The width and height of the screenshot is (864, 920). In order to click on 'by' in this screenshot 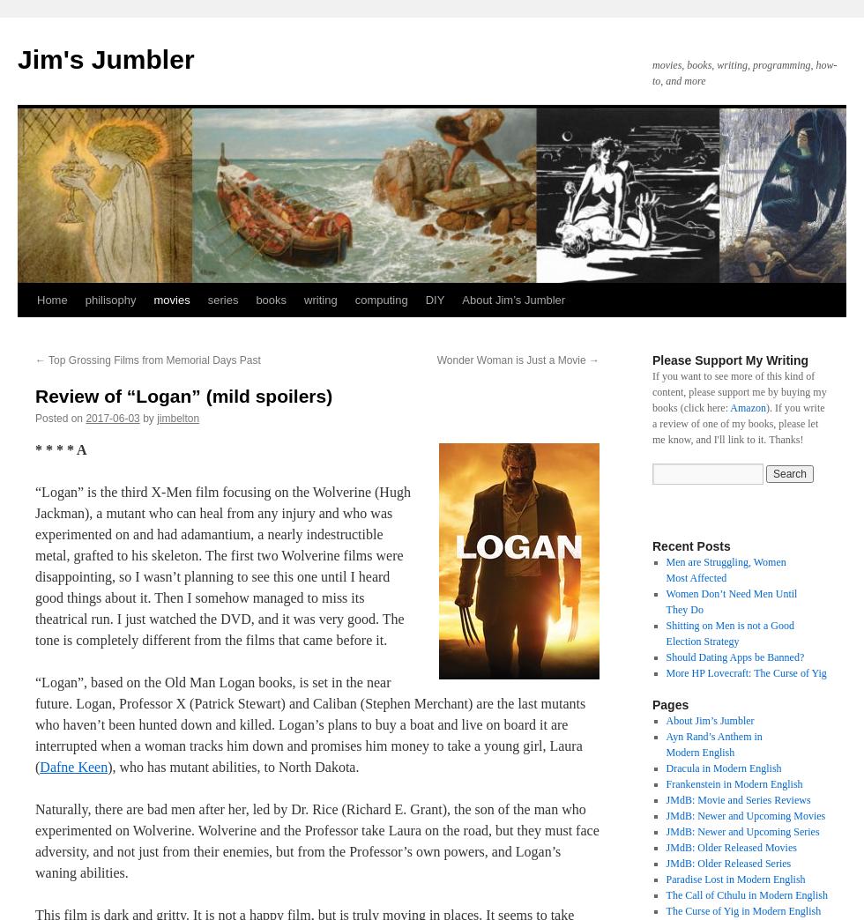, I will do `click(147, 419)`.